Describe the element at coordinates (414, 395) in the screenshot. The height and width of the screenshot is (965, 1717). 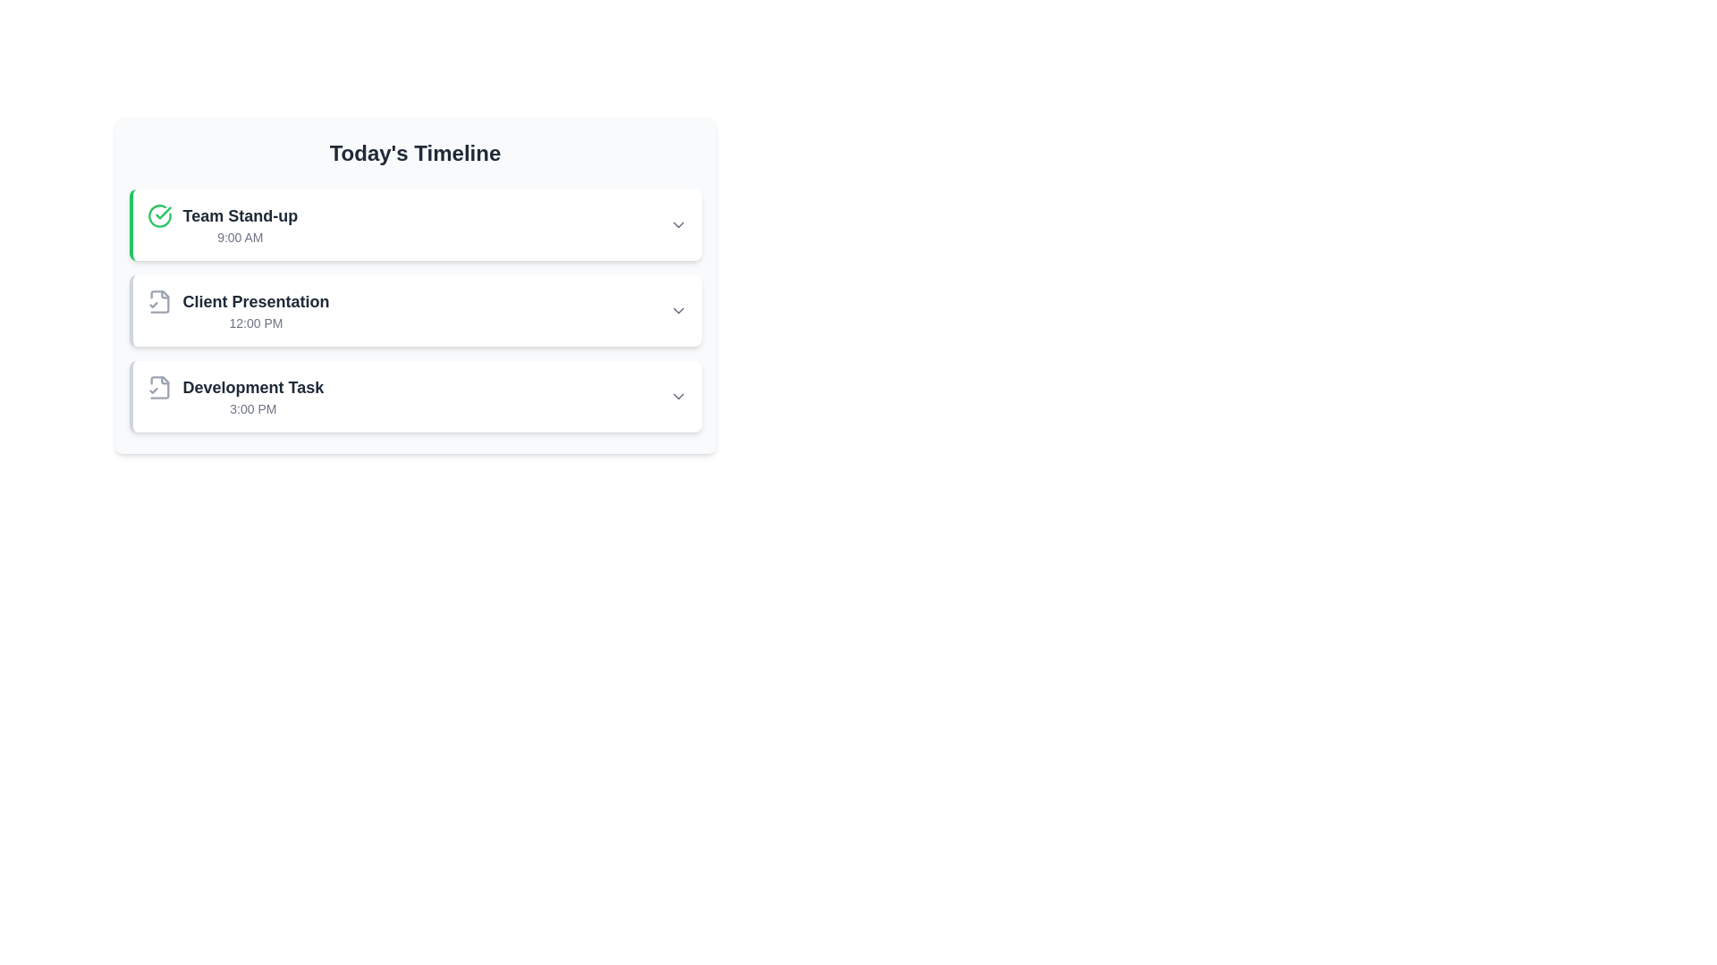
I see `the third item in the vertical list labeled 'Today's Timeline'` at that location.